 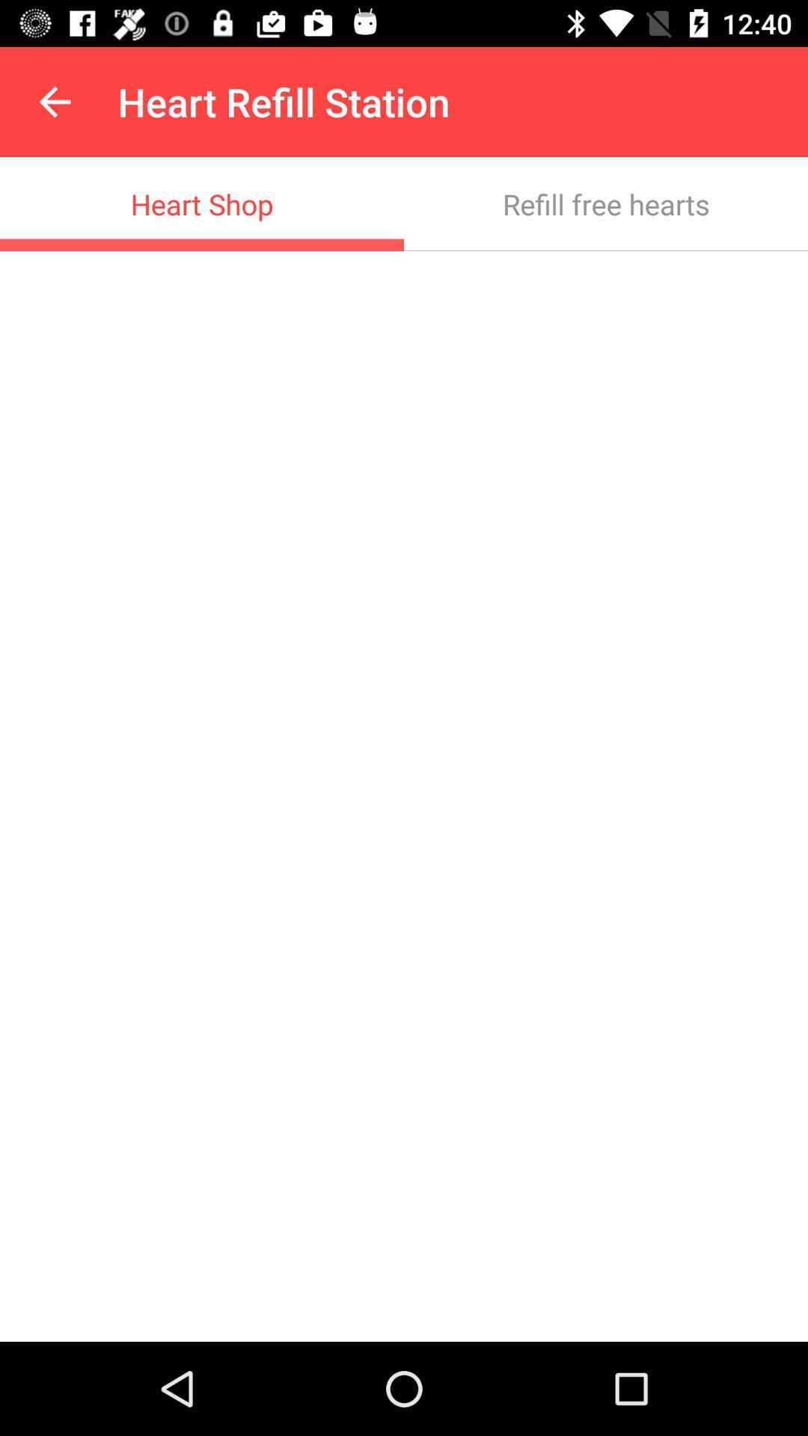 I want to click on item next to heart refill station app, so click(x=54, y=101).